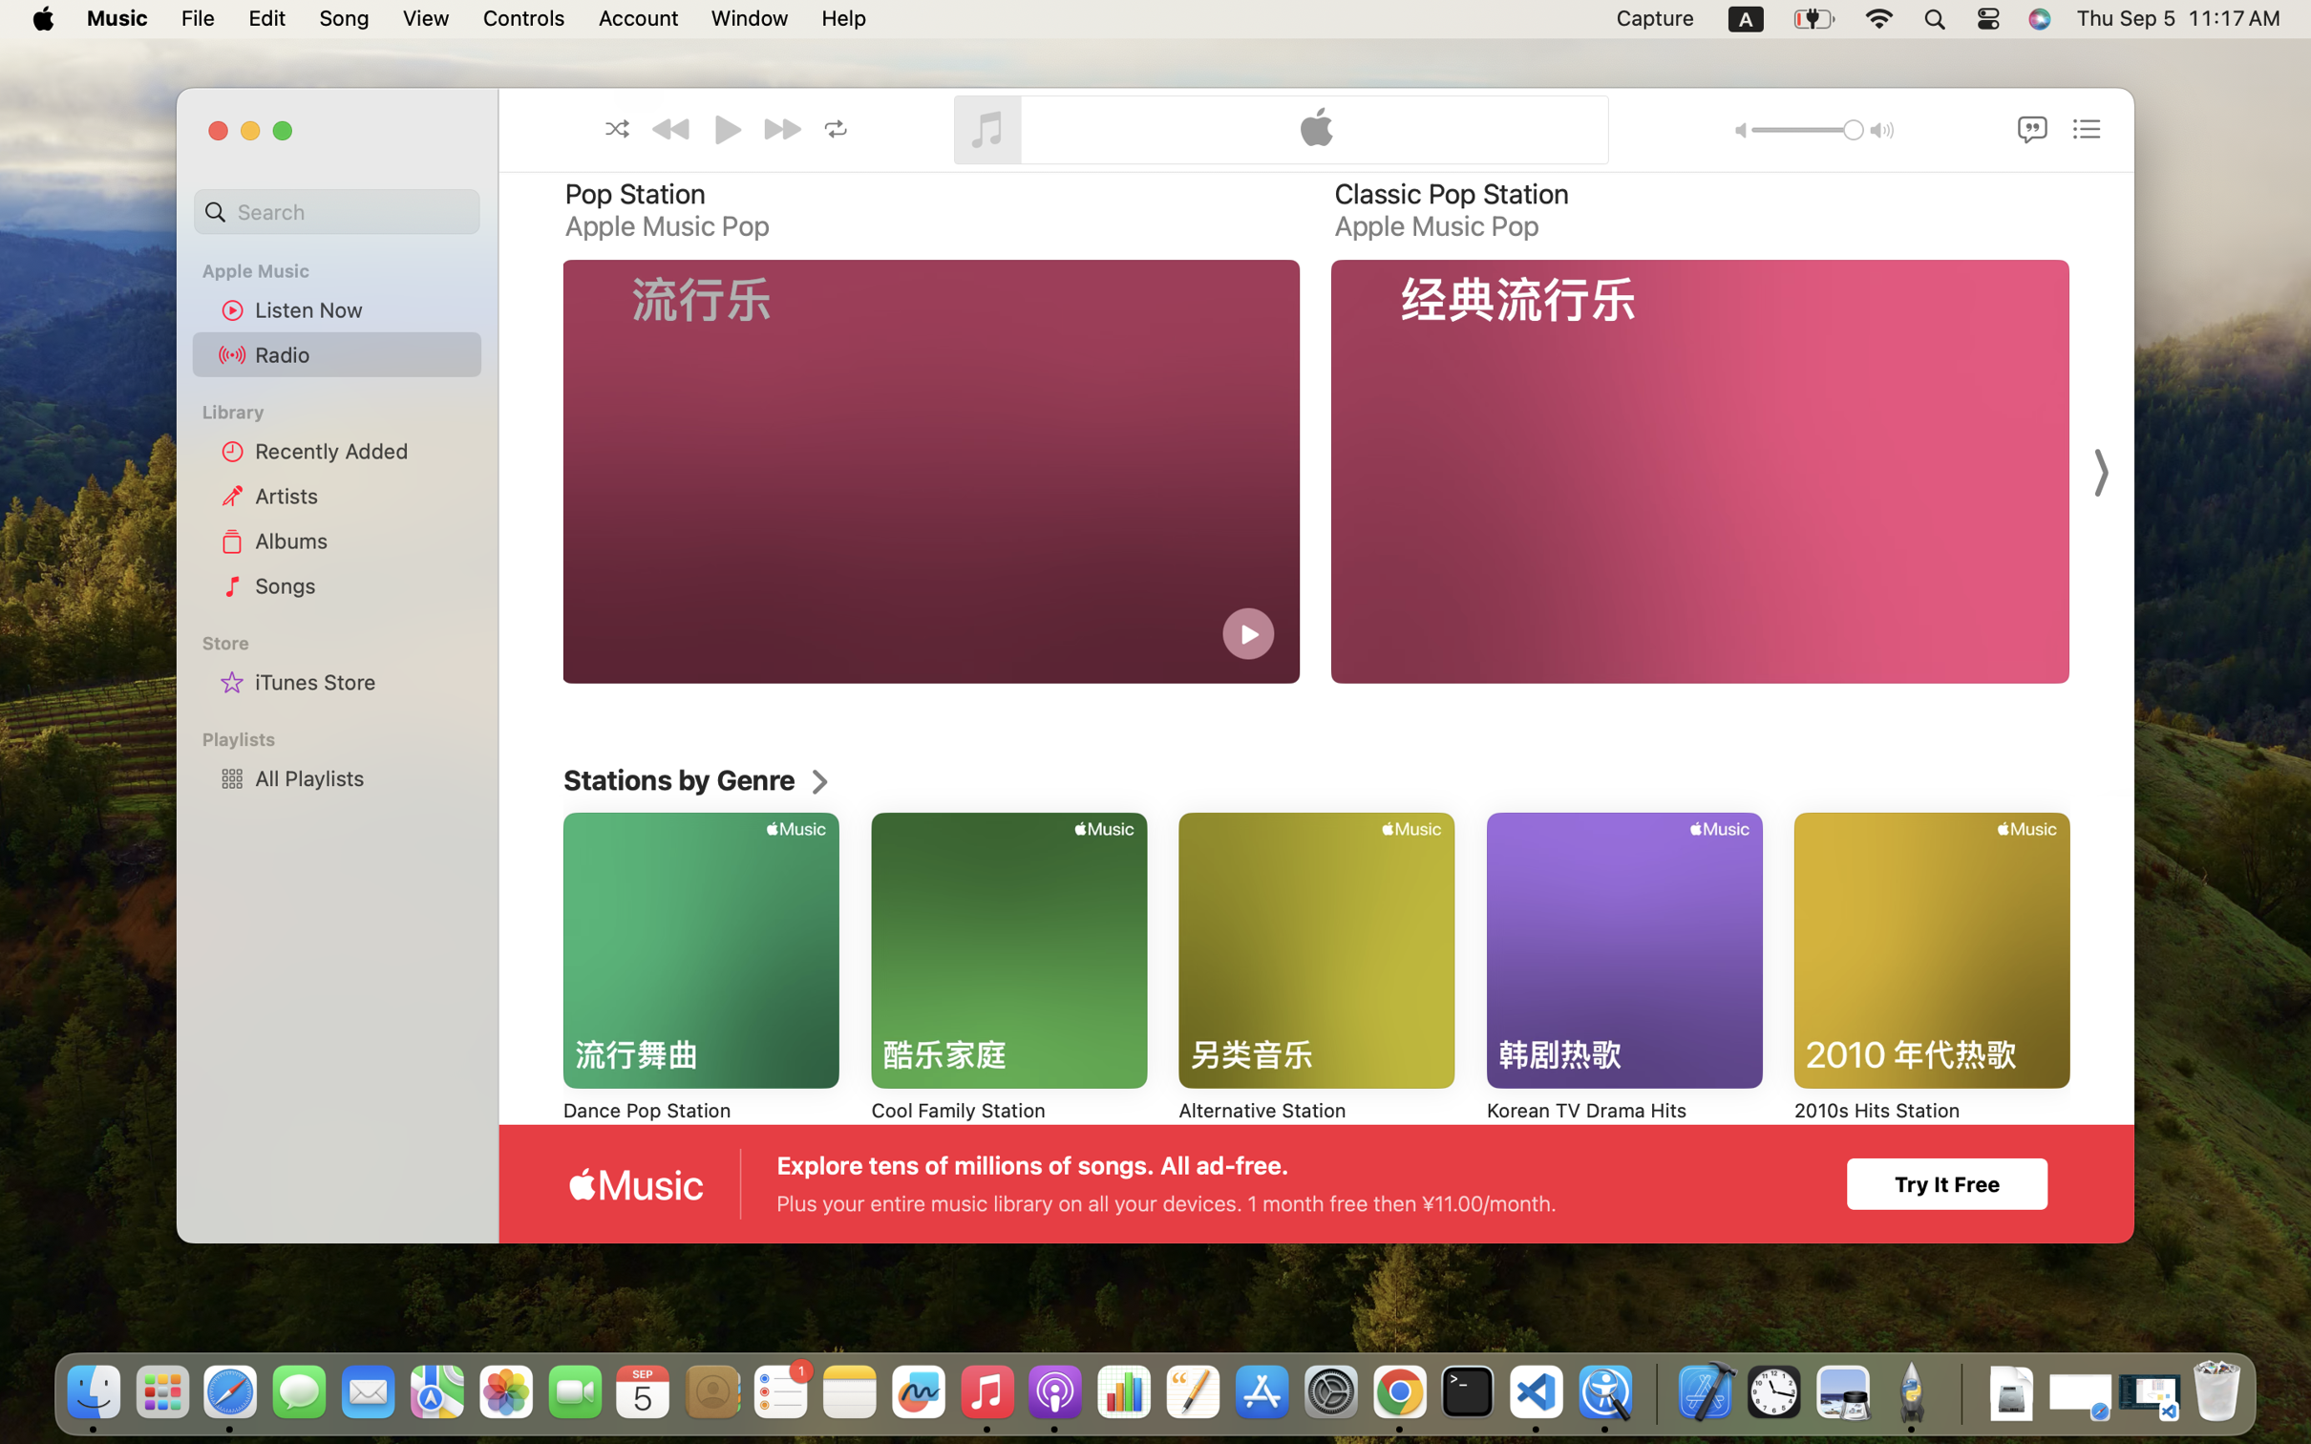 The height and width of the screenshot is (1444, 2311). Describe the element at coordinates (362, 494) in the screenshot. I see `'Artists'` at that location.